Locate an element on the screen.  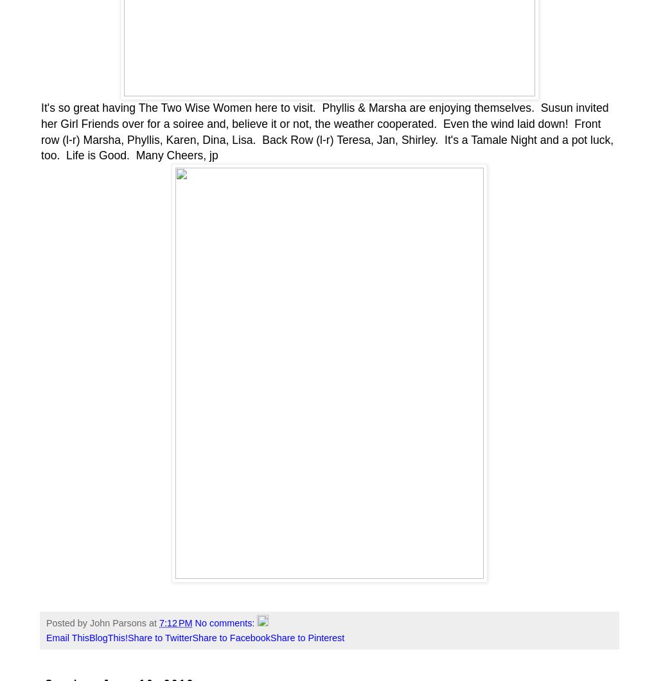
'John Parsons' is located at coordinates (118, 623).